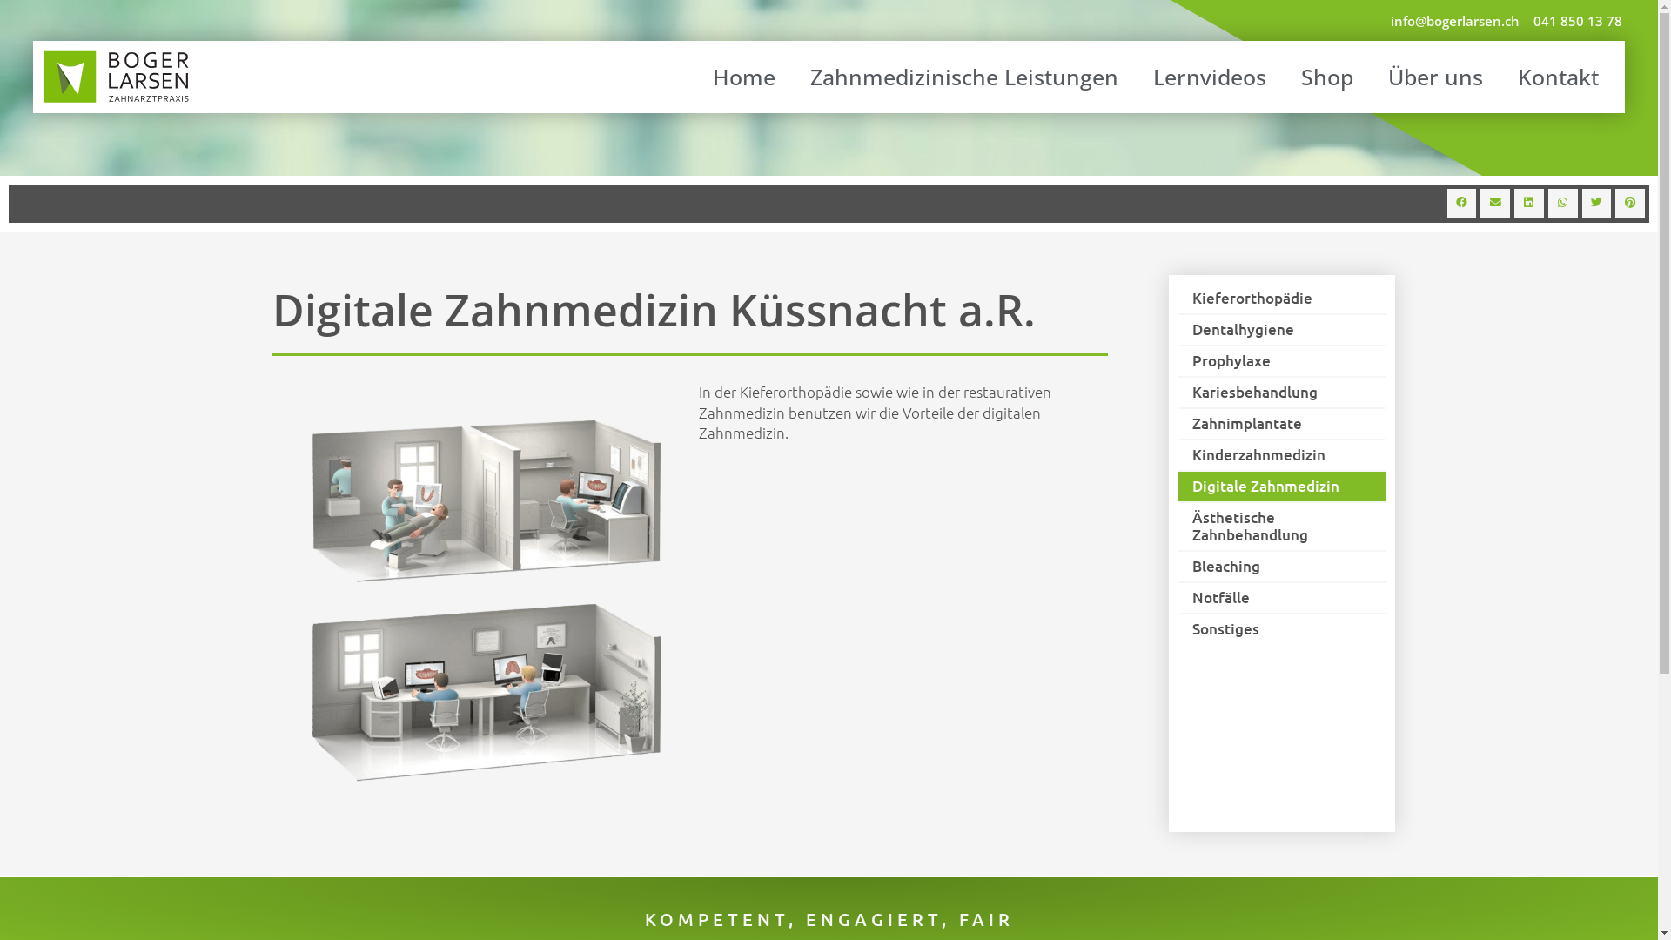 The width and height of the screenshot is (1671, 940). Describe the element at coordinates (963, 76) in the screenshot. I see `'Zahnmedizinische Leistungen'` at that location.